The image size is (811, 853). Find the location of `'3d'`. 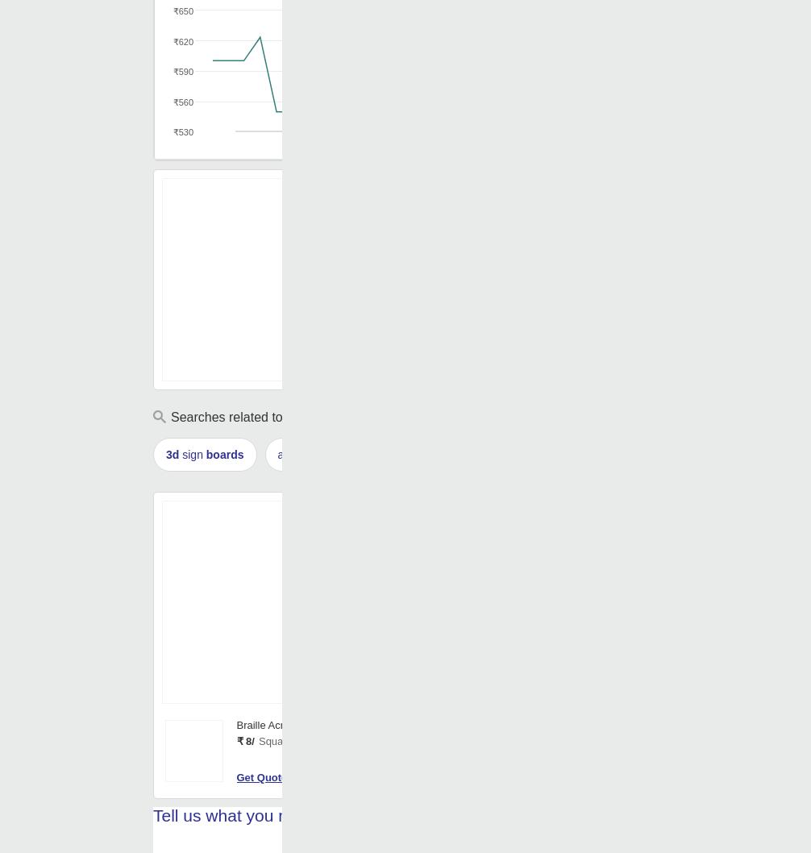

'3d' is located at coordinates (166, 455).